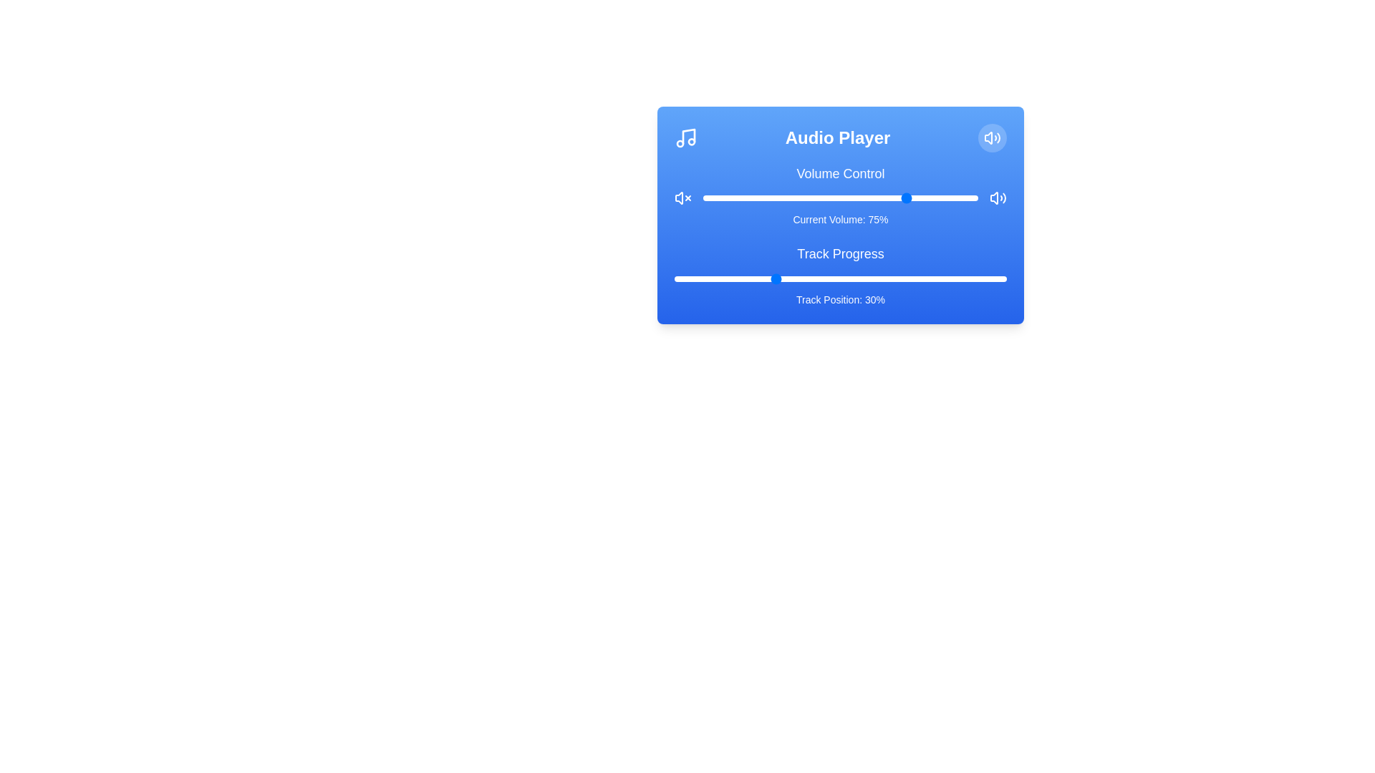 This screenshot has width=1375, height=773. Describe the element at coordinates (847, 278) in the screenshot. I see `the track position` at that location.